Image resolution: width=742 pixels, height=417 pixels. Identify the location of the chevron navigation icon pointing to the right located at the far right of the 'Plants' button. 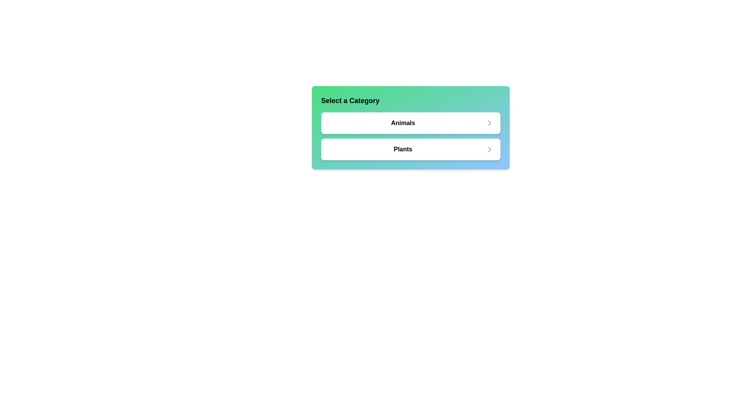
(489, 149).